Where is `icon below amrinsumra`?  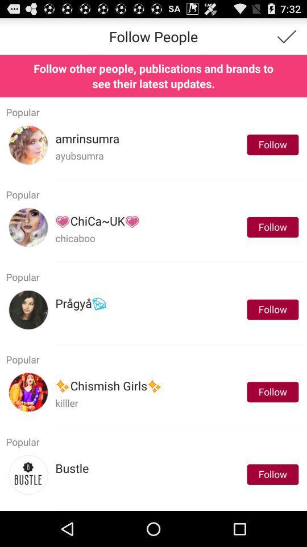
icon below amrinsumra is located at coordinates (79, 155).